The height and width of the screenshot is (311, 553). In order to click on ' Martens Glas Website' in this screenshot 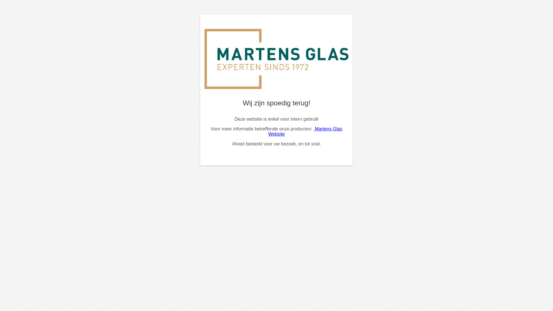, I will do `click(268, 131)`.